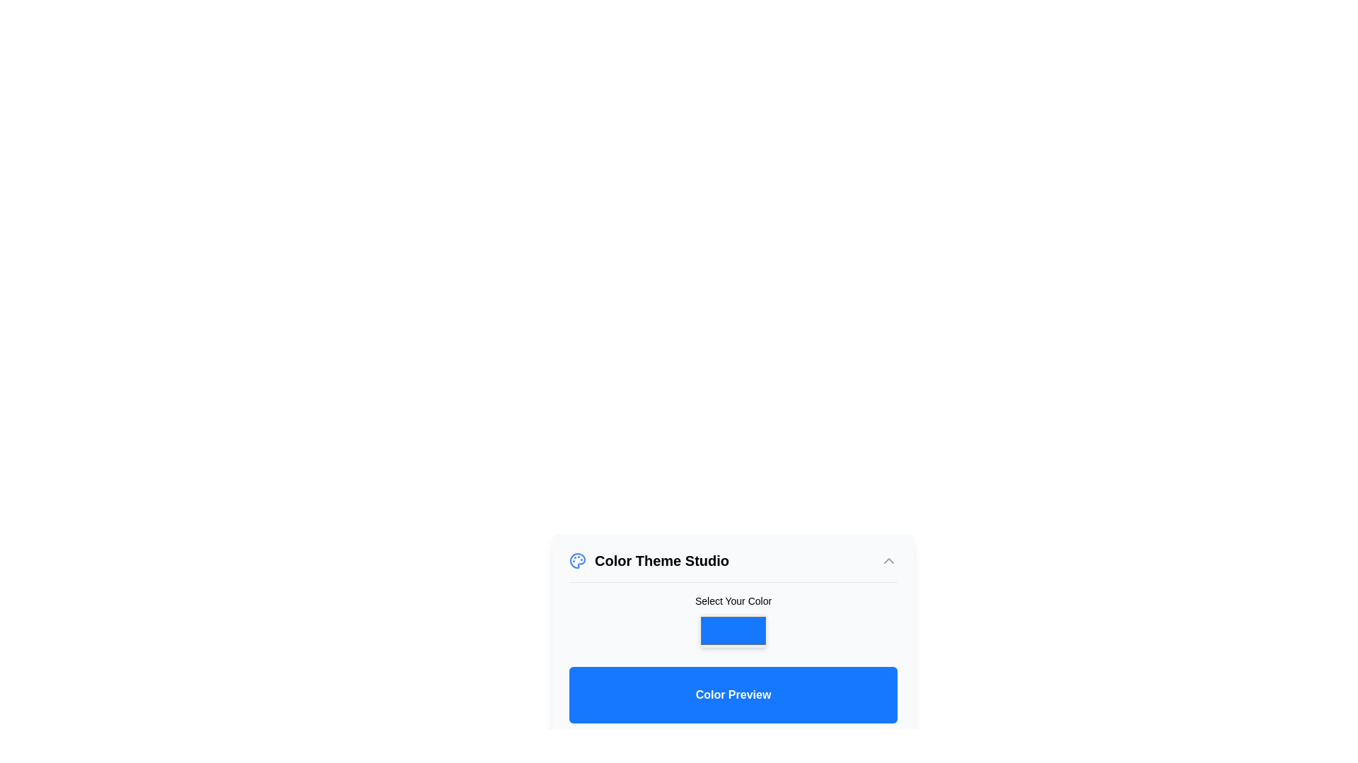 This screenshot has width=1358, height=763. I want to click on the toggle button located at the top-right corner of the 'Color Theme Studio' interface, so click(888, 560).